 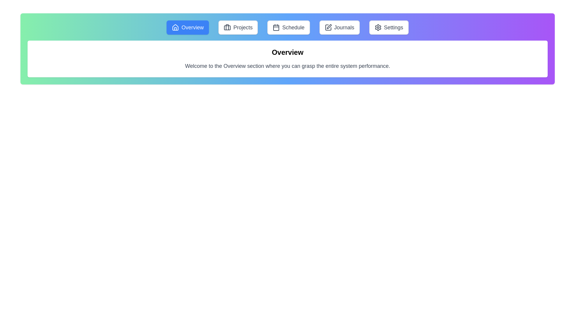 I want to click on the house-shaped icon used for navigation, which is located to the left of the 'Overview' label within a blue button with rounded edges, so click(x=175, y=27).